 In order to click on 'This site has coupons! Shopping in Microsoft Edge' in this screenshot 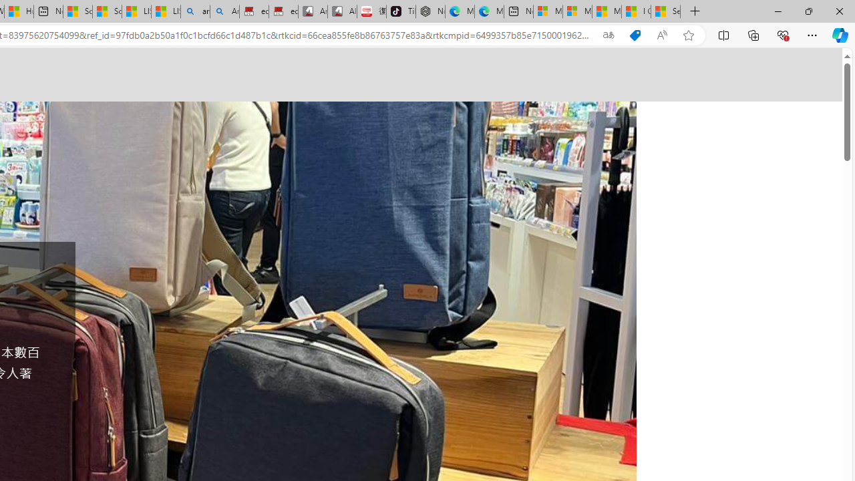, I will do `click(635, 35)`.